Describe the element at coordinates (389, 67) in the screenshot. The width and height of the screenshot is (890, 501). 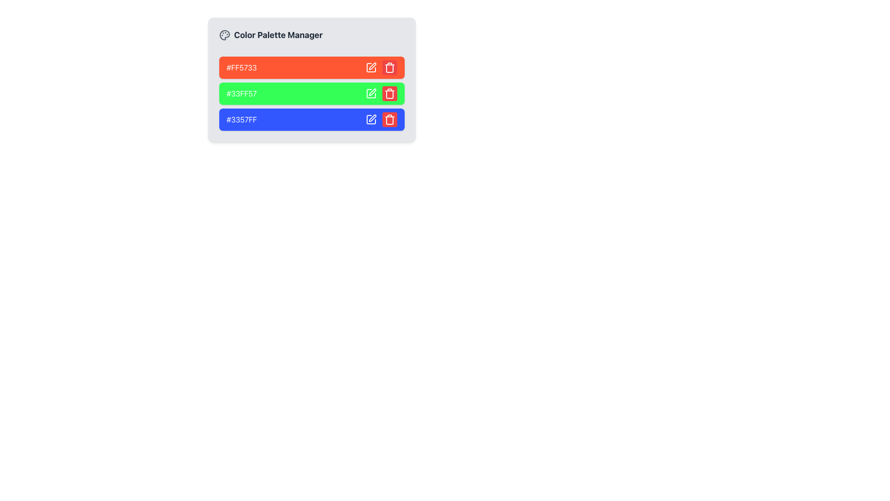
I see `the small, rounded red delete button with a trash can icon located in the upper-right corner of the horizontal bar` at that location.